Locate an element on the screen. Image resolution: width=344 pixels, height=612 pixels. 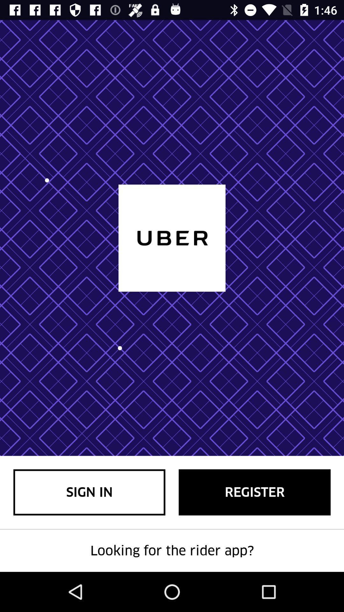
the register is located at coordinates (254, 492).